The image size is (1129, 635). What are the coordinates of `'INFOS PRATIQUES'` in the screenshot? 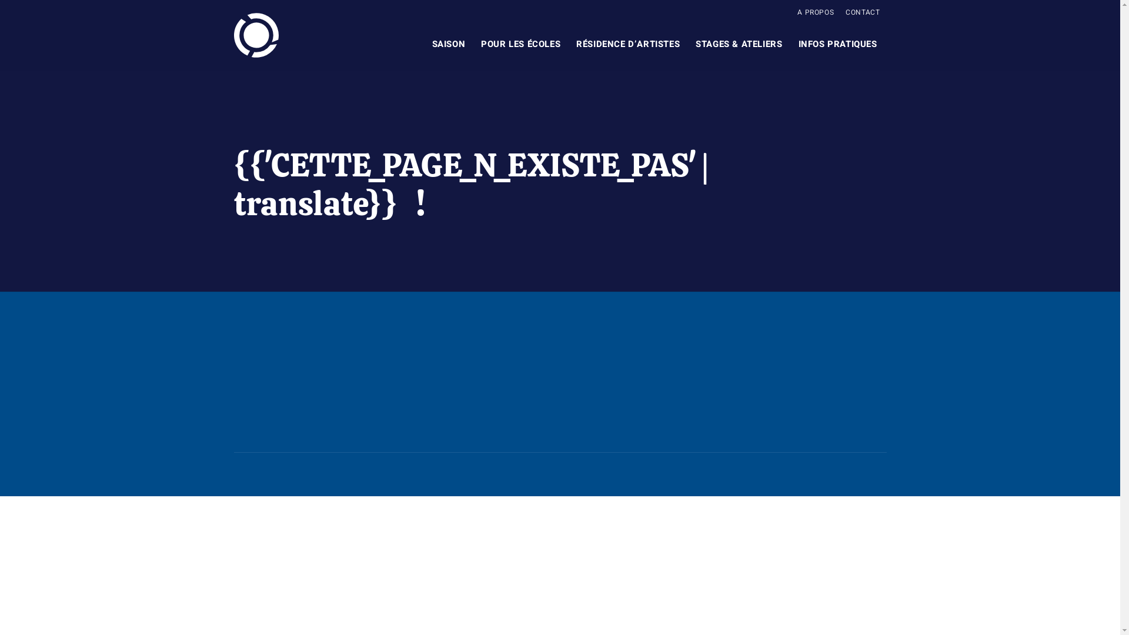 It's located at (837, 43).